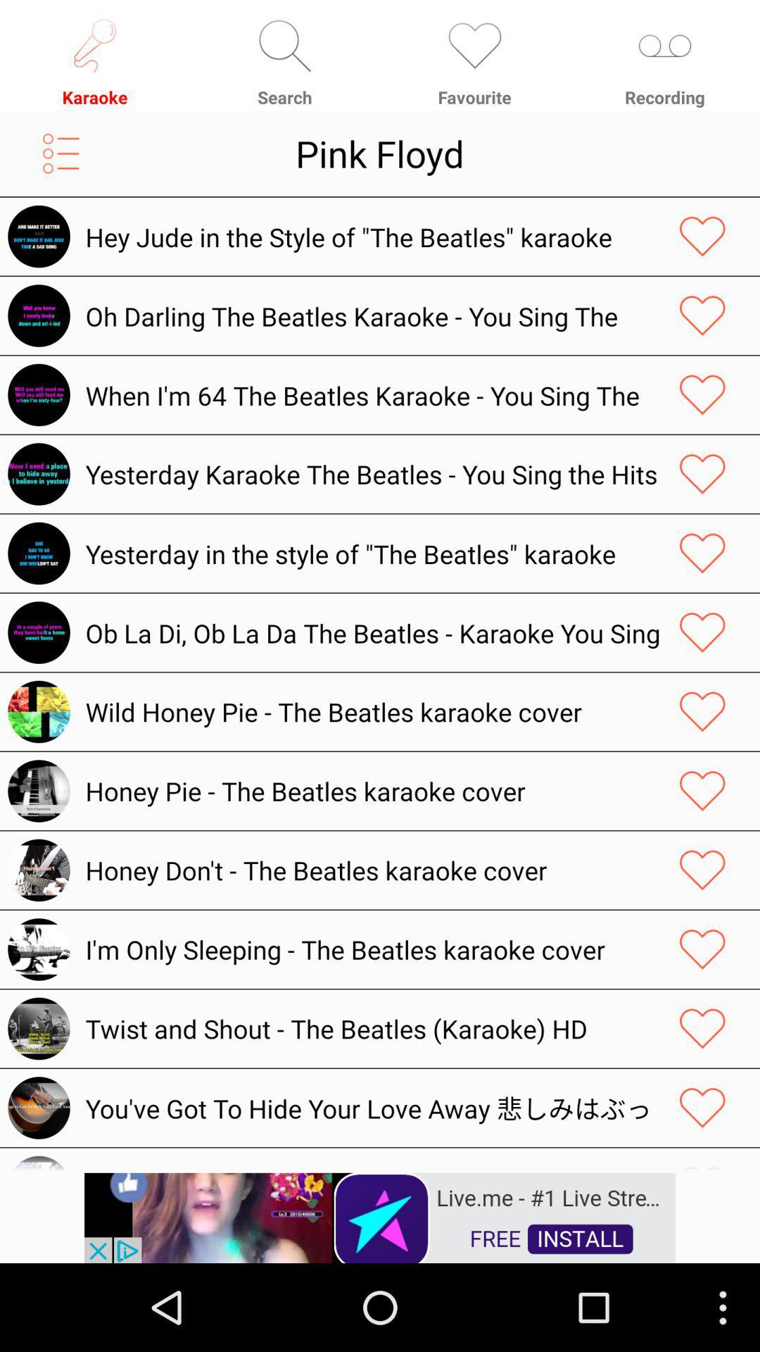 This screenshot has height=1352, width=760. What do you see at coordinates (702, 1107) in the screenshot?
I see `like this track` at bounding box center [702, 1107].